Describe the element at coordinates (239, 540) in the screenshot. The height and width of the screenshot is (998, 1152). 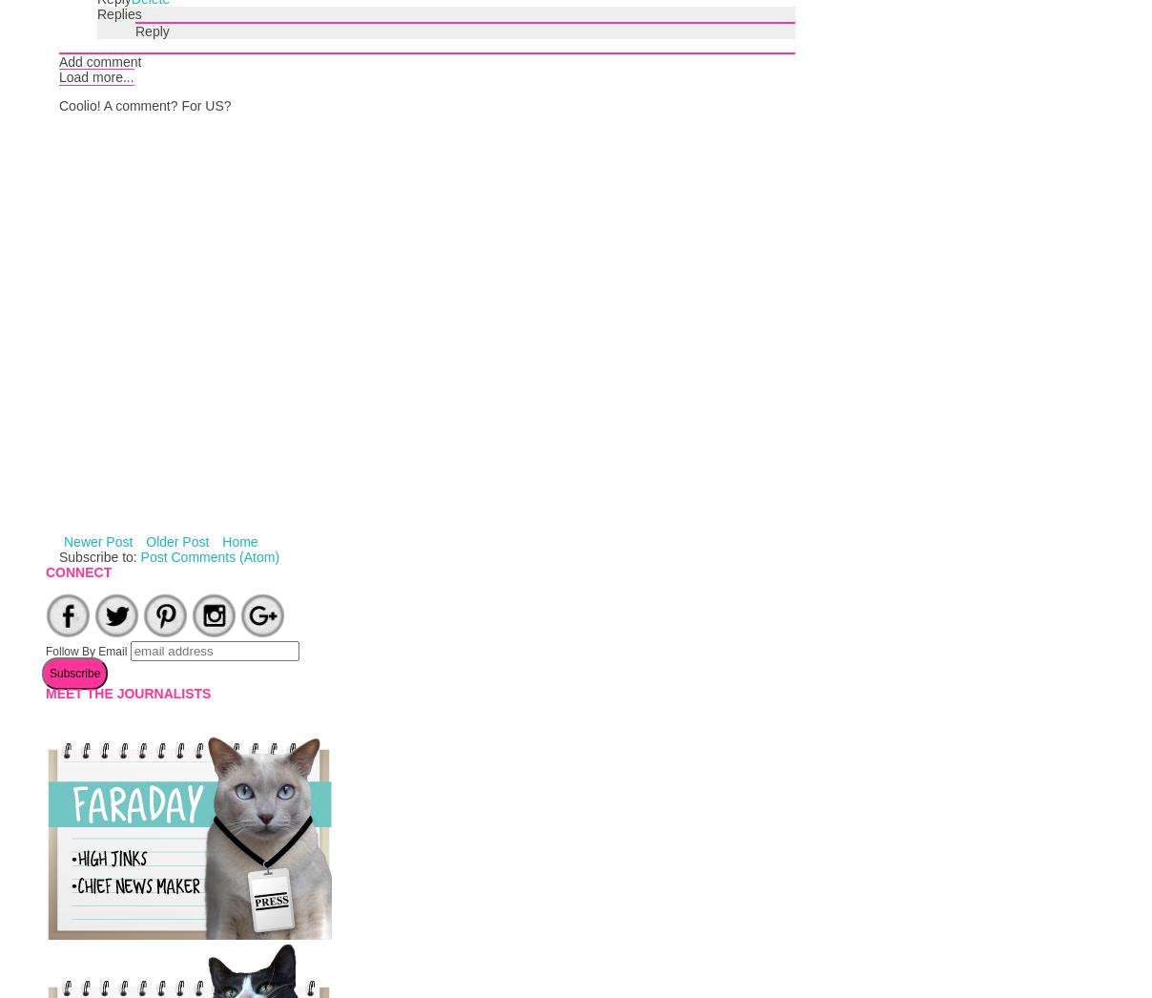
I see `'Home'` at that location.